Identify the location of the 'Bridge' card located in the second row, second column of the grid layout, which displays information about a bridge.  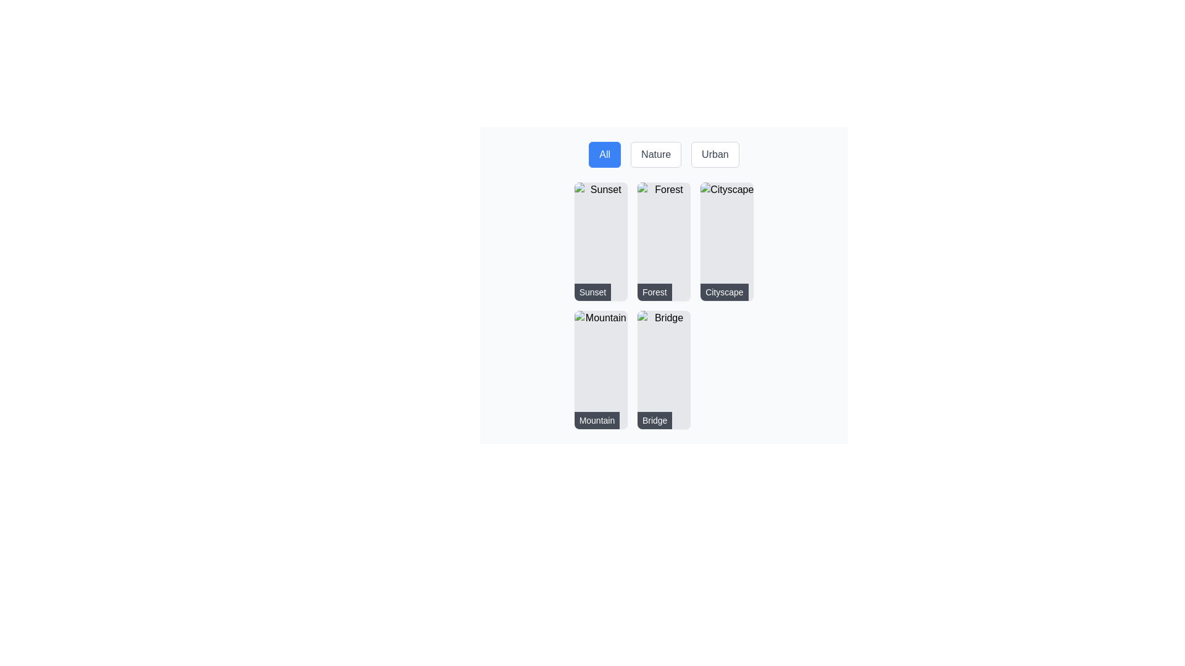
(663, 369).